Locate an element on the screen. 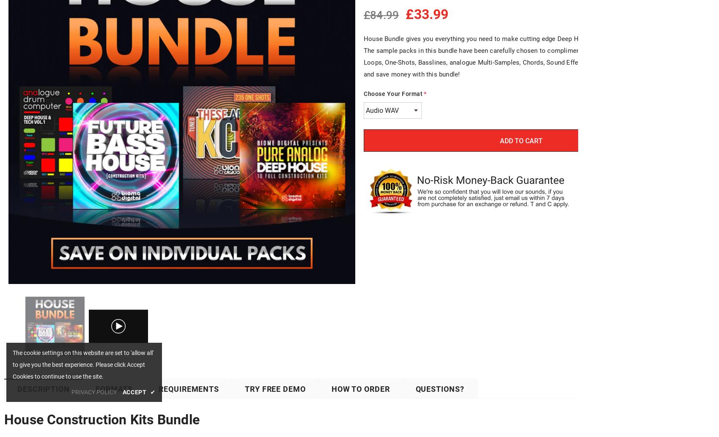 The image size is (719, 437). 'House Construction Kits Bundle' is located at coordinates (102, 419).